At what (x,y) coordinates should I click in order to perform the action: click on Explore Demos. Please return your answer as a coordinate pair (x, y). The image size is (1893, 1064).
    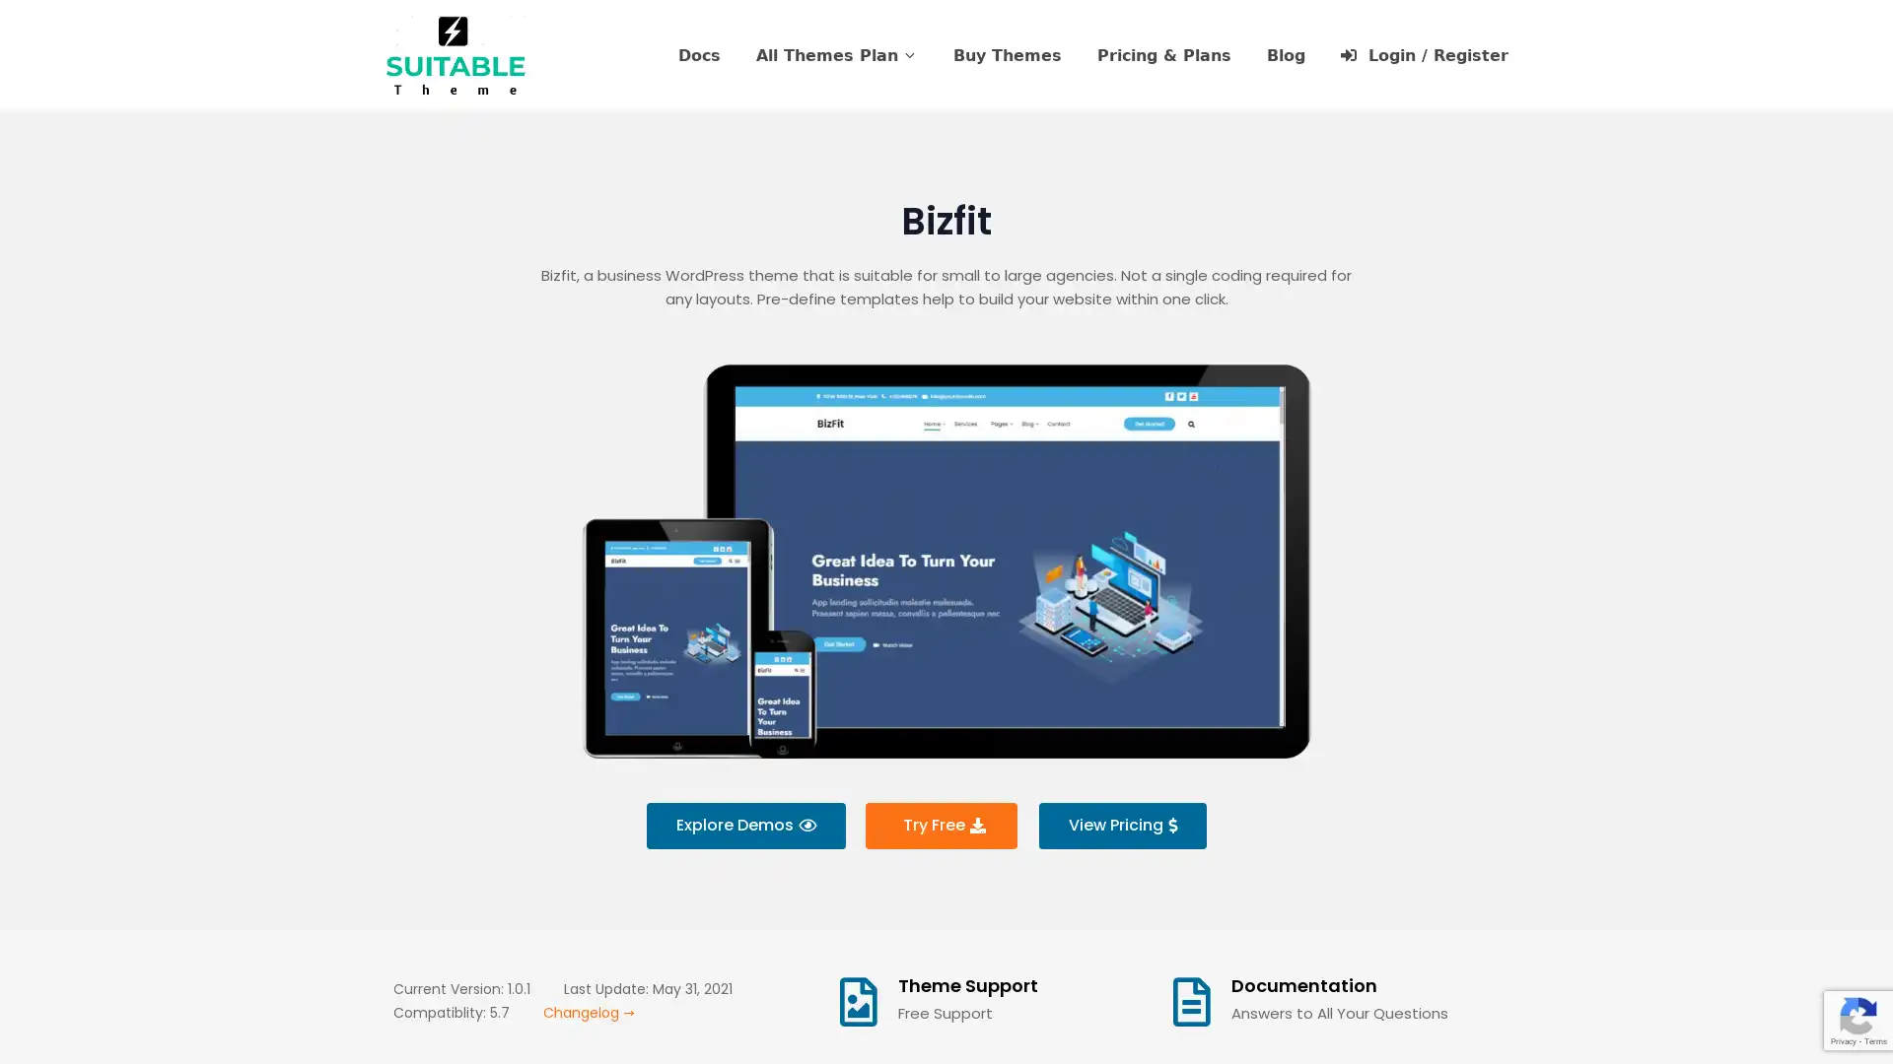
    Looking at the image, I should click on (743, 825).